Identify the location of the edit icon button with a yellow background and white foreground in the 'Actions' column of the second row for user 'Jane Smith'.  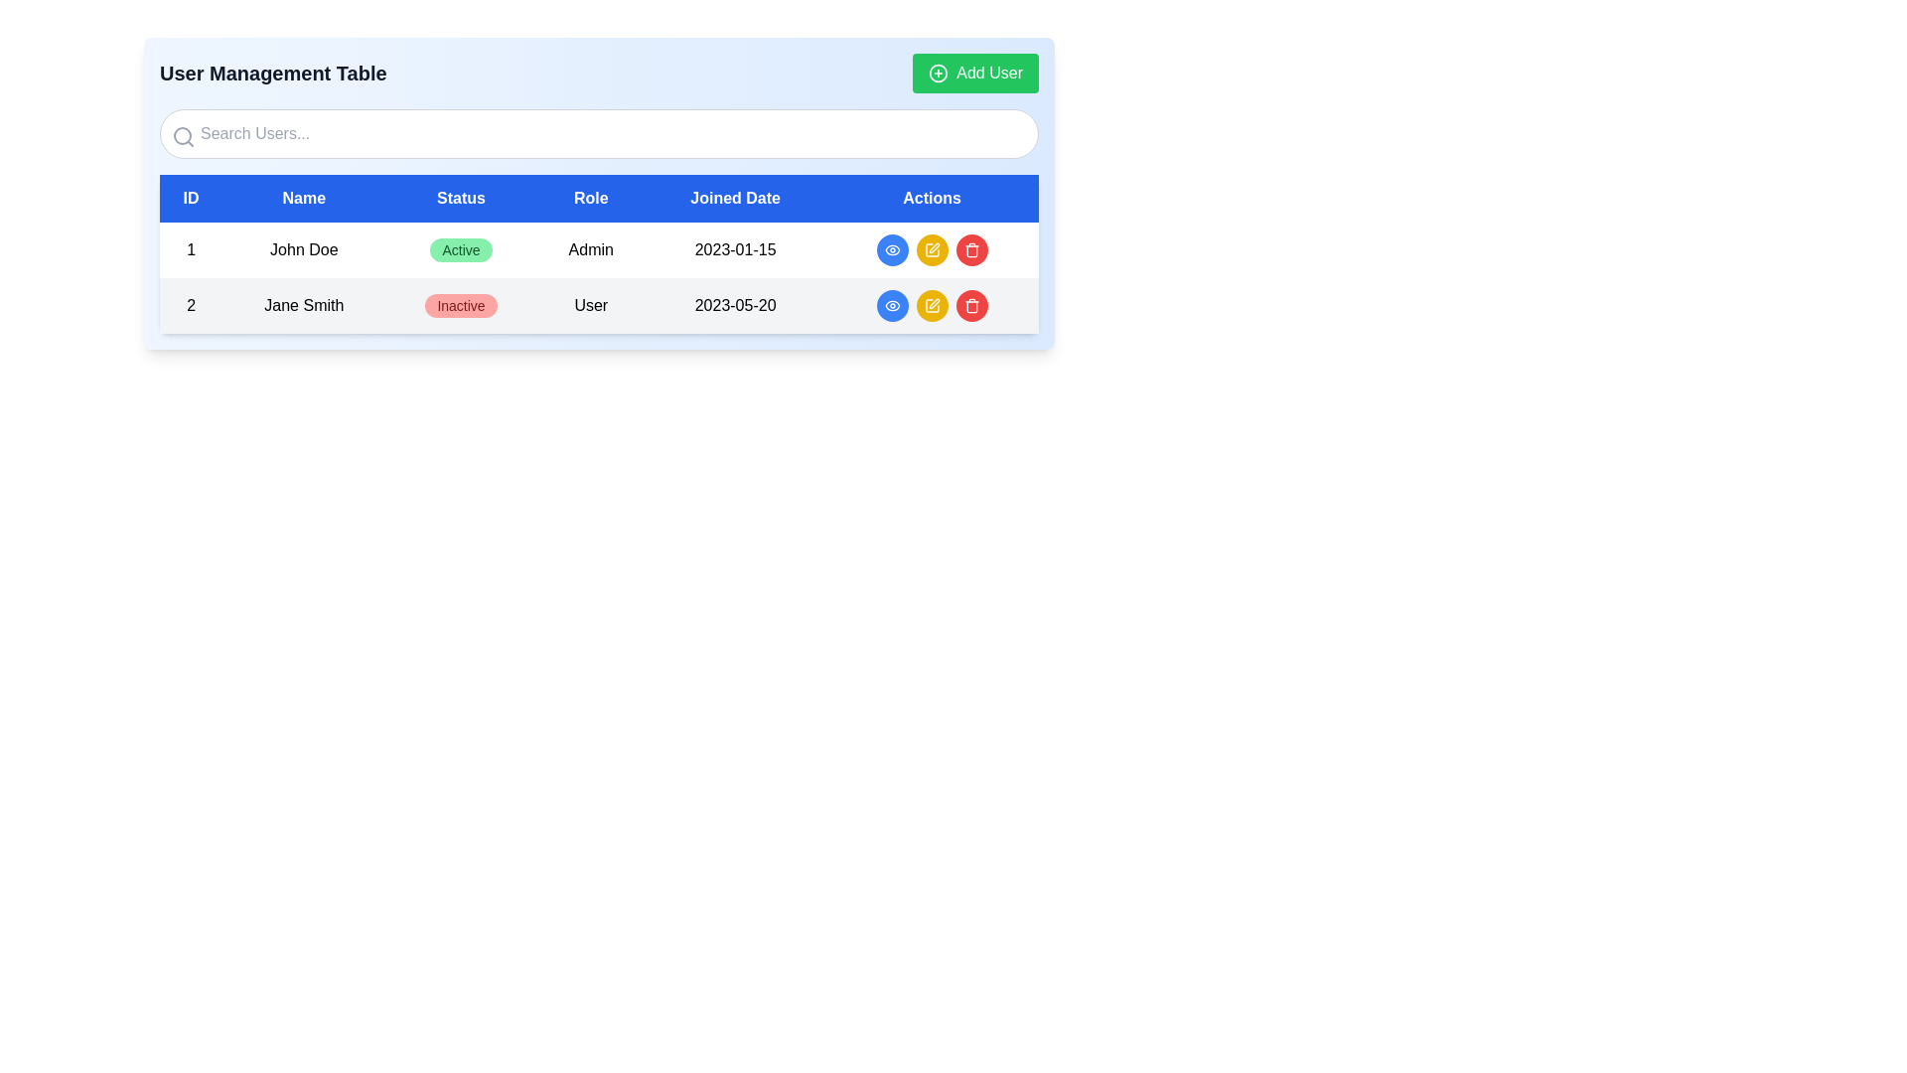
(931, 248).